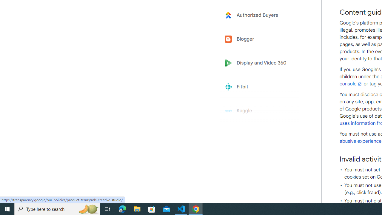  Describe the element at coordinates (257, 15) in the screenshot. I see `'Learn more about Authorized Buyers'` at that location.